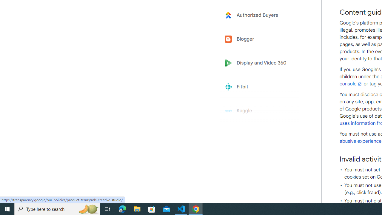  Describe the element at coordinates (257, 15) in the screenshot. I see `'Learn more about Authorized Buyers'` at that location.